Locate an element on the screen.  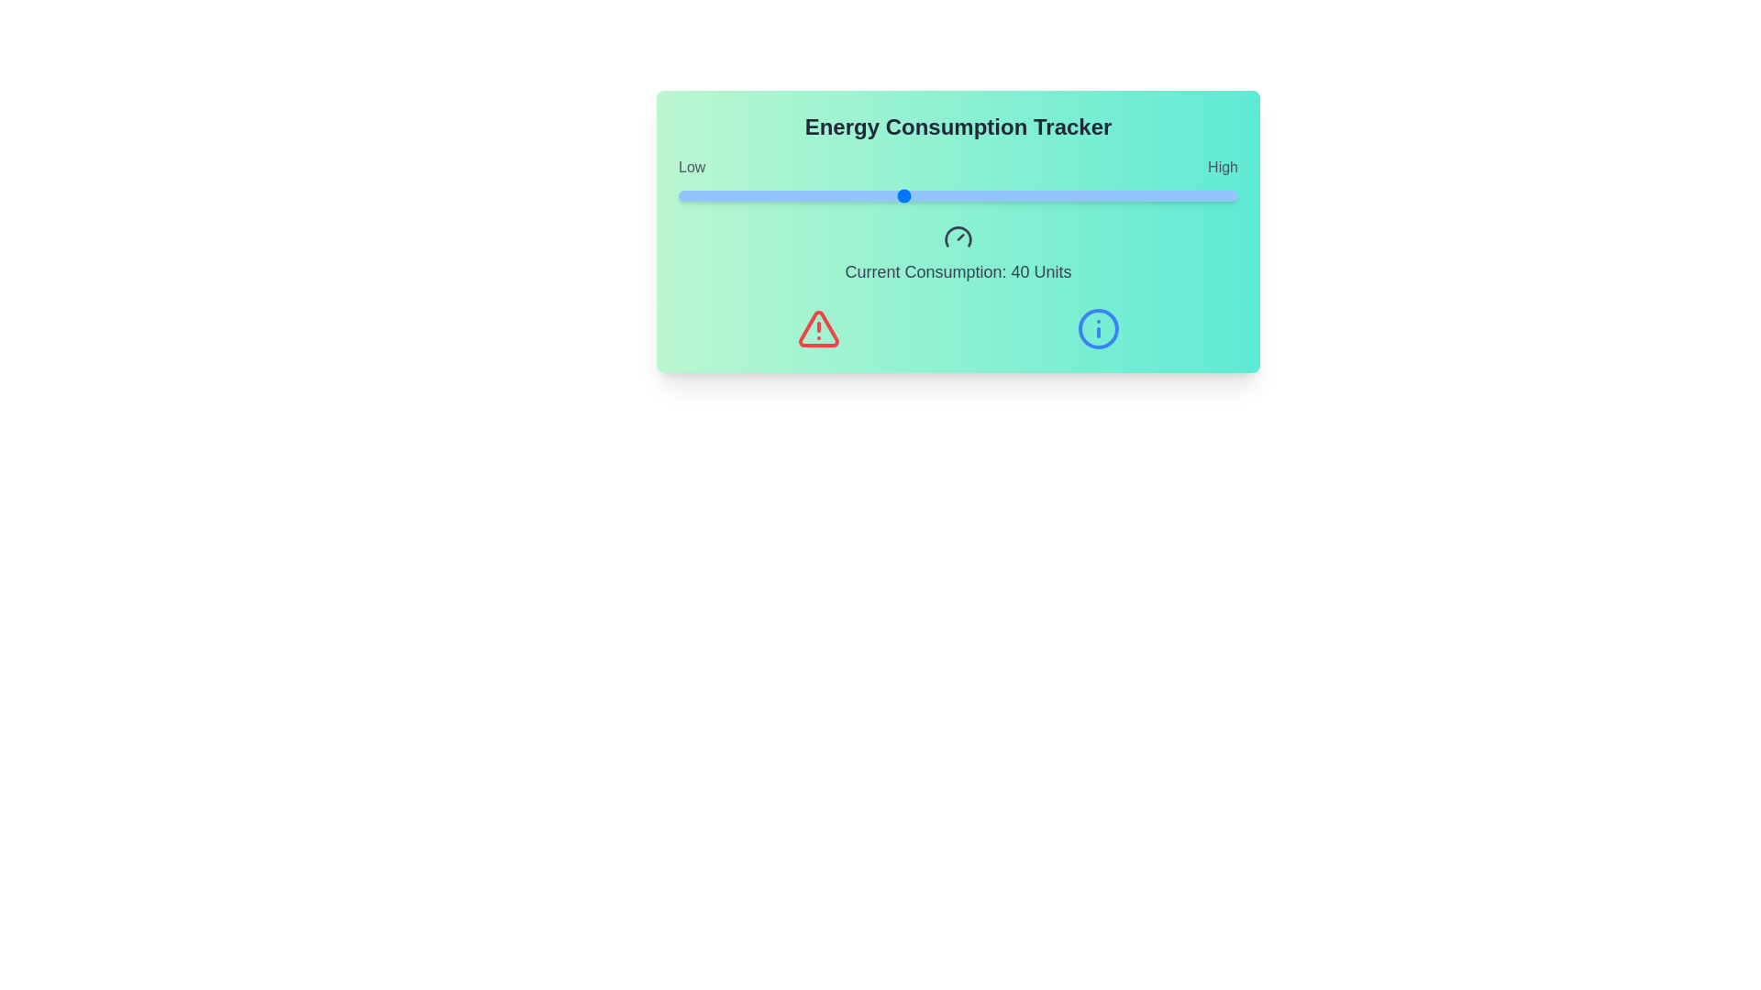
the energy consumption slider to 26 units is located at coordinates (823, 195).